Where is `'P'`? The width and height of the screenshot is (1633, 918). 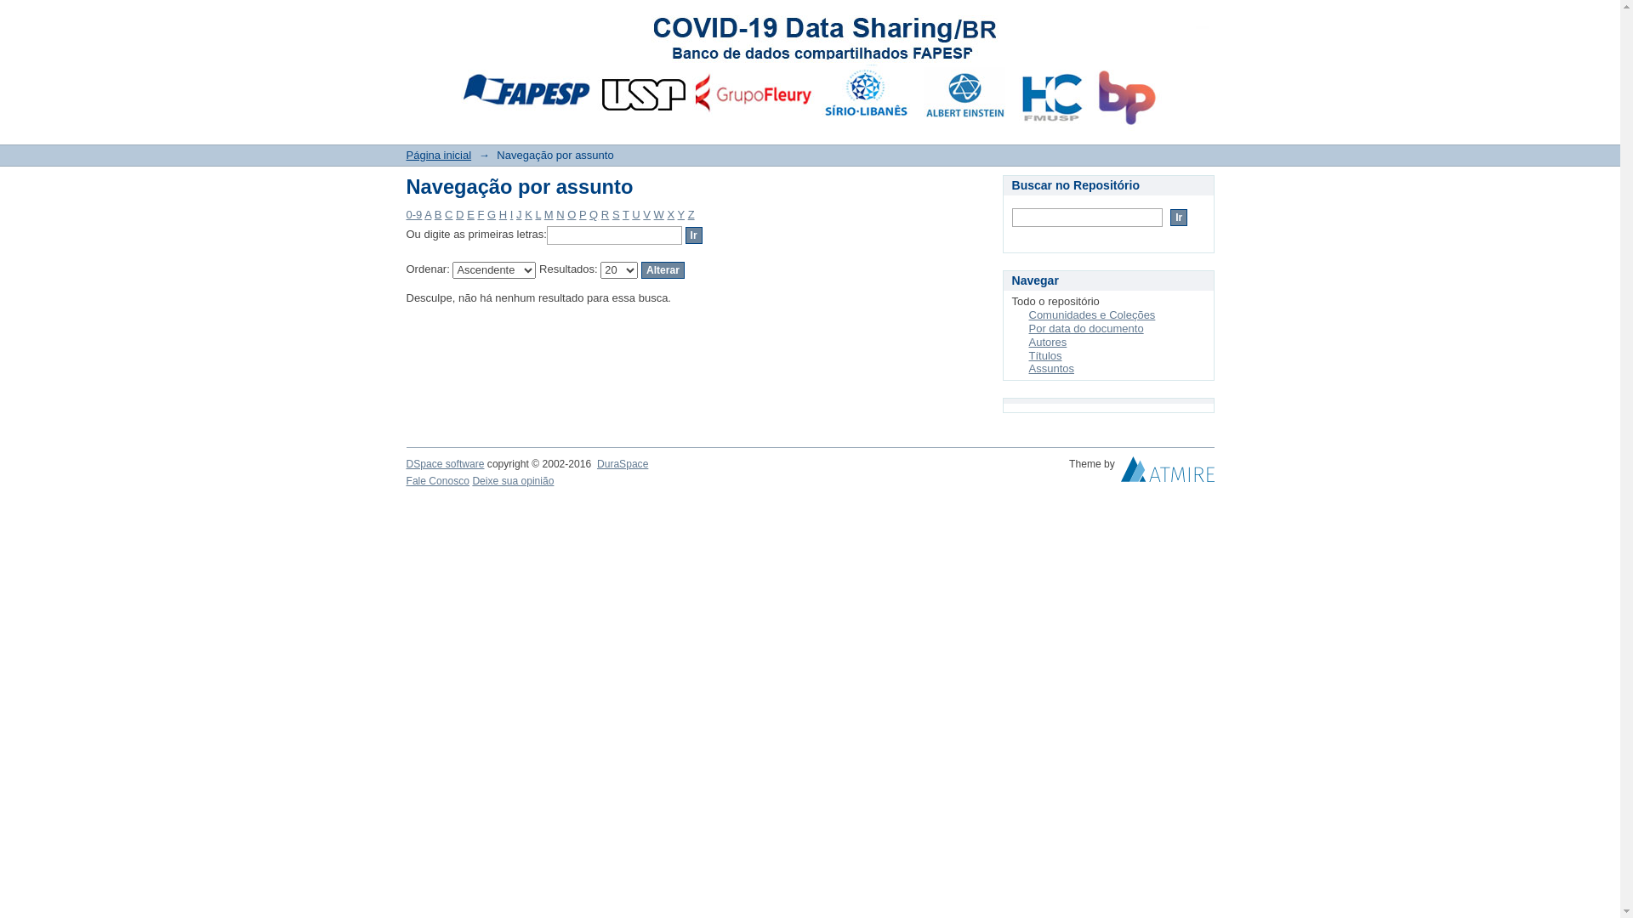
'P' is located at coordinates (583, 213).